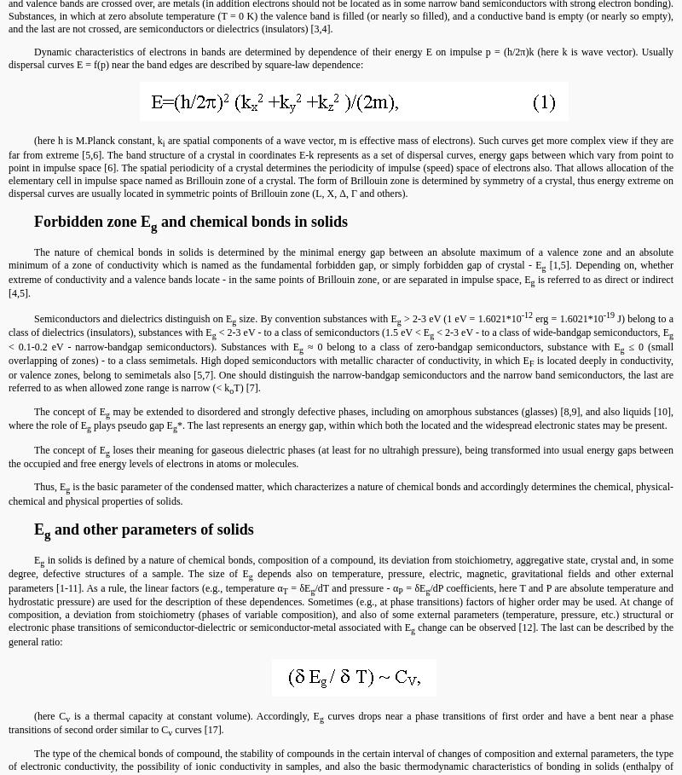  Describe the element at coordinates (341, 58) in the screenshot. I see `'Dynamic characteristics of electrons in bands are determined by dependence of their energy E on impulse p = (h/2π)k (here k is wave vector). Usually dispersal curves E = f(p) near the band edges are described by square-law dependence:'` at that location.